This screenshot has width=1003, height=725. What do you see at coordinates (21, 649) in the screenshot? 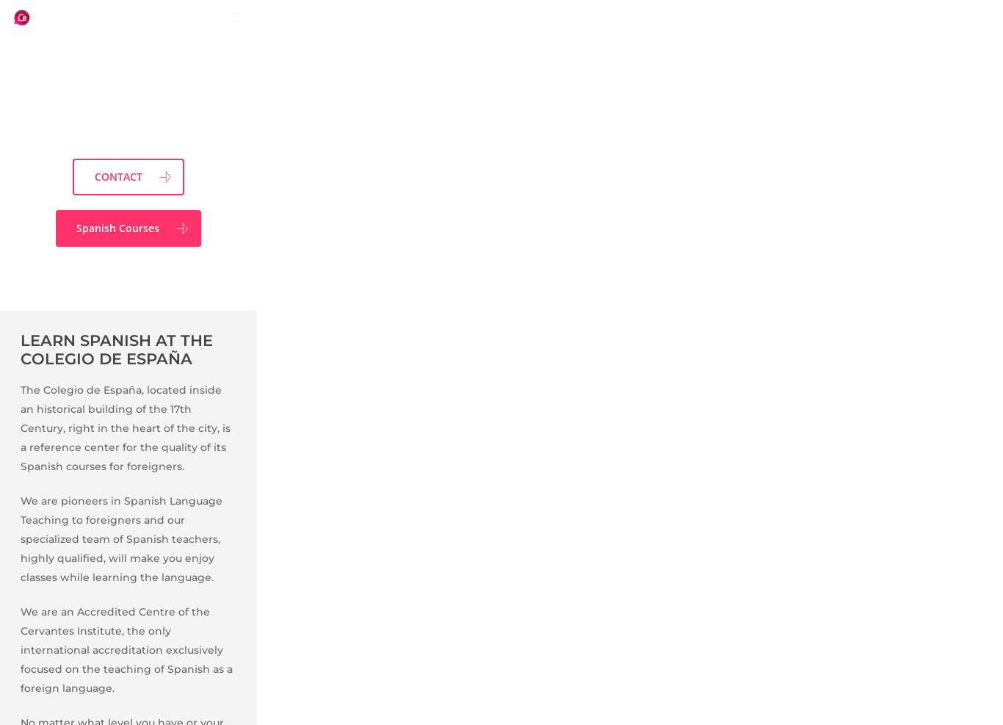
I see `'We are an Accredited Centre of the Cervantes Institute, the only international accreditation exclusively focused on the teaching of Spanish as a foreign language.'` at bounding box center [21, 649].